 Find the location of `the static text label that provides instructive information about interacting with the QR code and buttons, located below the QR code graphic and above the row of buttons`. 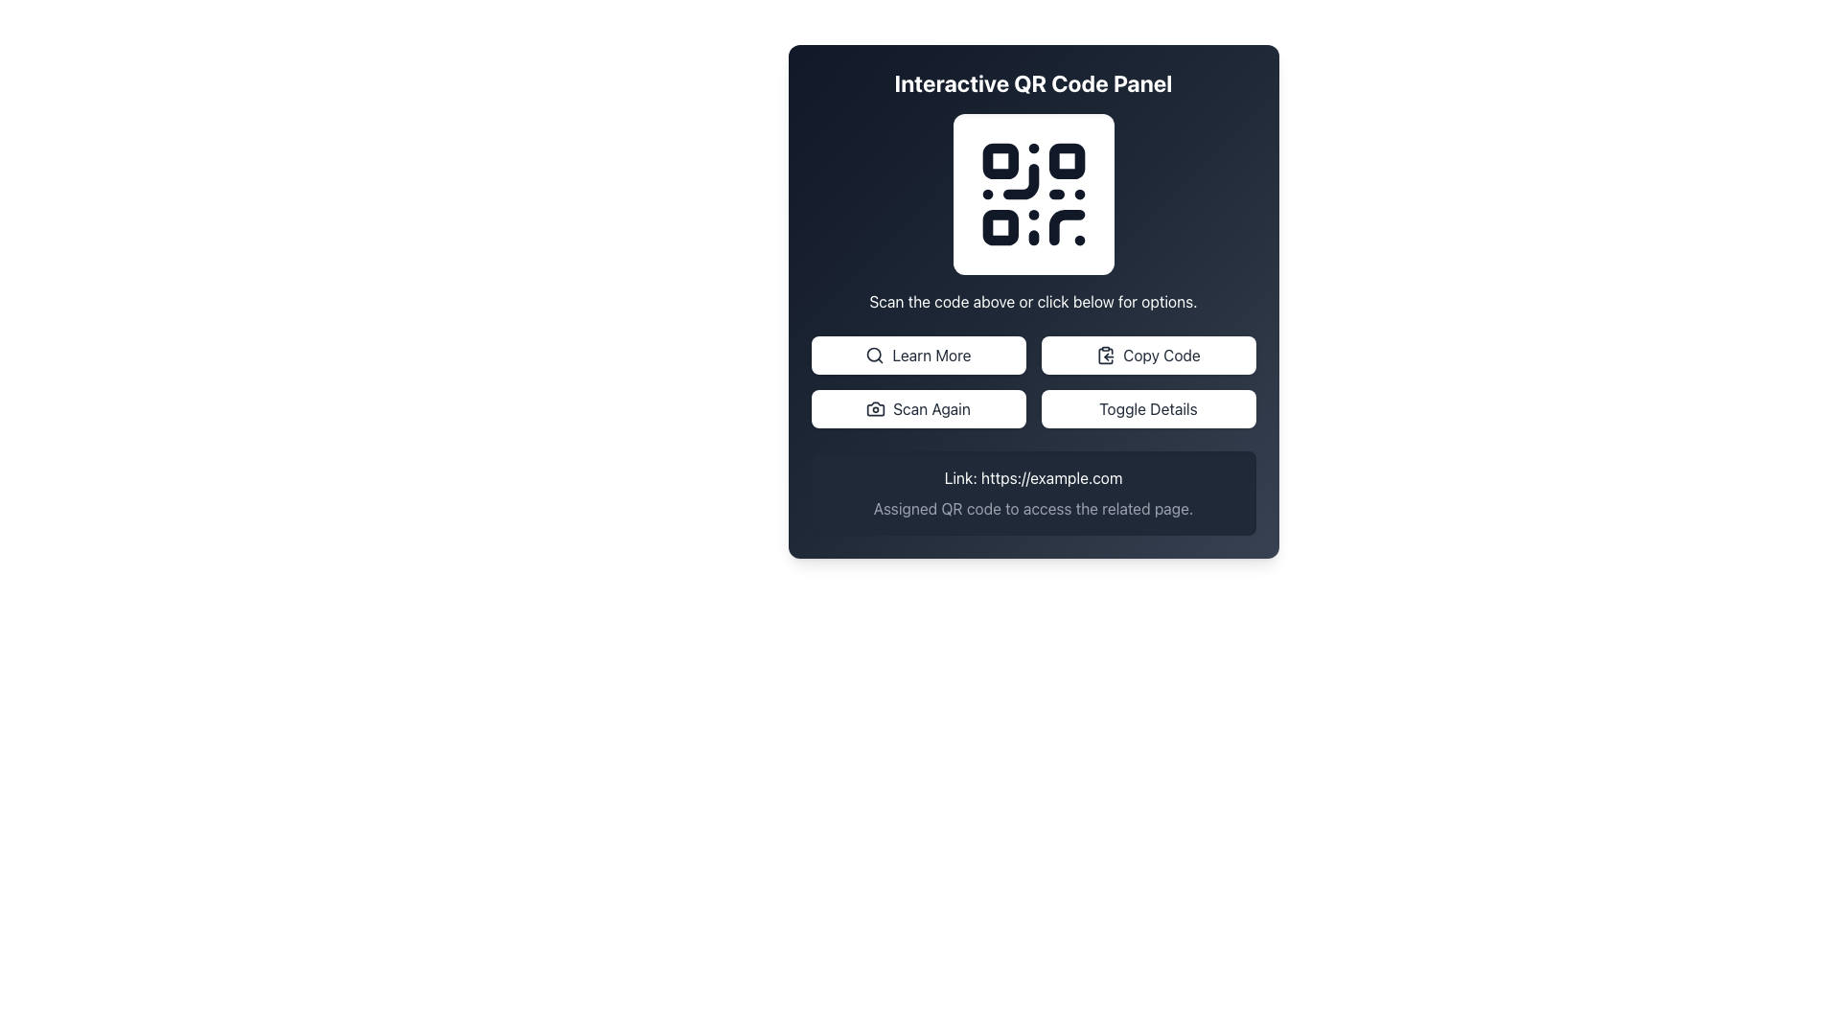

the static text label that provides instructive information about interacting with the QR code and buttons, located below the QR code graphic and above the row of buttons is located at coordinates (1032, 302).